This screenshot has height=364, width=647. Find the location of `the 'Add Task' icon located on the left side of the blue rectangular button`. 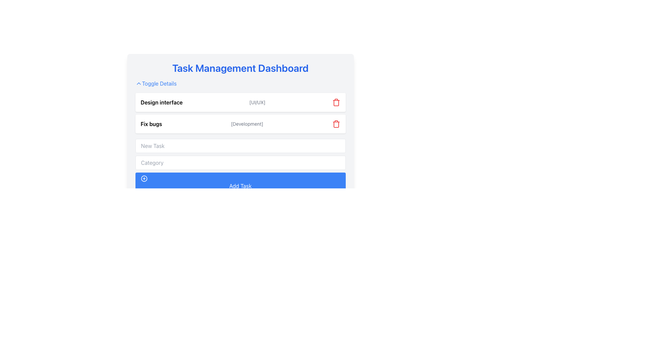

the 'Add Task' icon located on the left side of the blue rectangular button is located at coordinates (144, 178).